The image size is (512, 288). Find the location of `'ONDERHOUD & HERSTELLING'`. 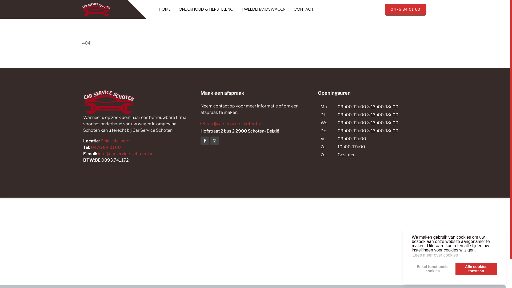

'ONDERHOUD & HERSTELLING' is located at coordinates (174, 9).